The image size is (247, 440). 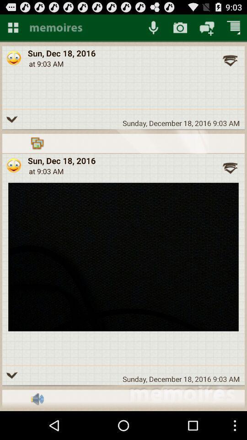 What do you see at coordinates (207, 29) in the screenshot?
I see `the chat icon` at bounding box center [207, 29].